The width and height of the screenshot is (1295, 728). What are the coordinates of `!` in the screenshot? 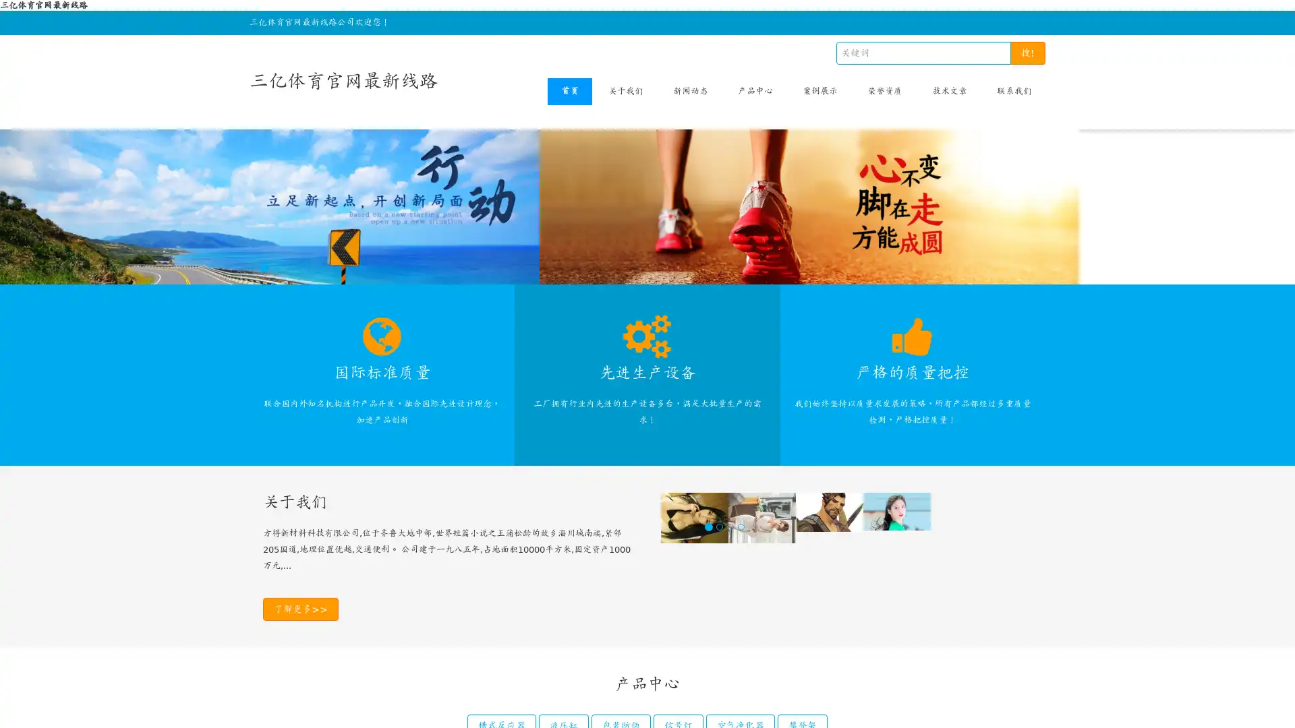 It's located at (1027, 52).